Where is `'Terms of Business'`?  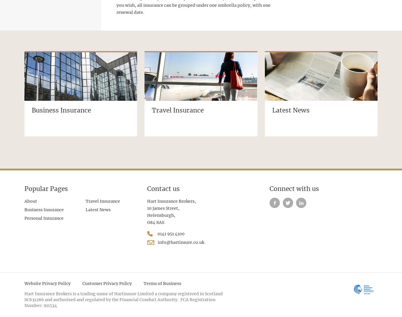
'Terms of Business' is located at coordinates (162, 283).